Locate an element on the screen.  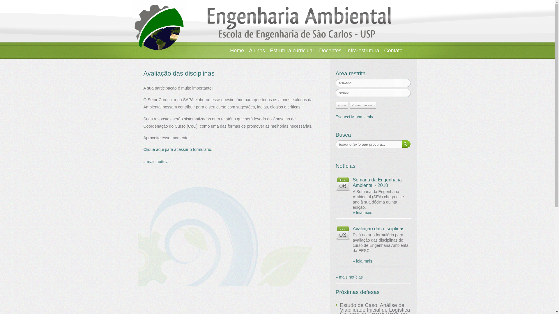
'Alunos' is located at coordinates (256, 50).